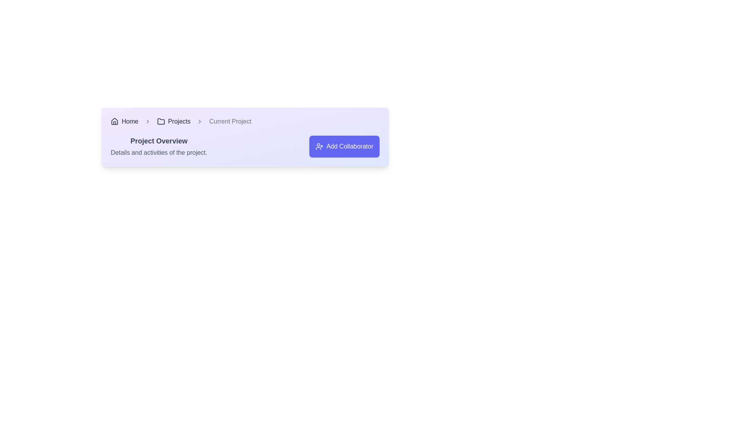 This screenshot has height=421, width=749. I want to click on the non-interactive text label that indicates the current navigation context in the breadcrumb trail, specifically the third item to the right of 'Projects', so click(230, 122).